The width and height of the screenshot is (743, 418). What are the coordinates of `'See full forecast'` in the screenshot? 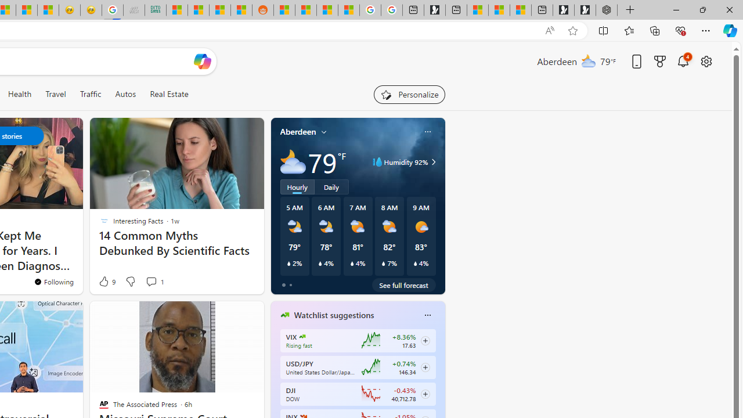 It's located at (403, 285).